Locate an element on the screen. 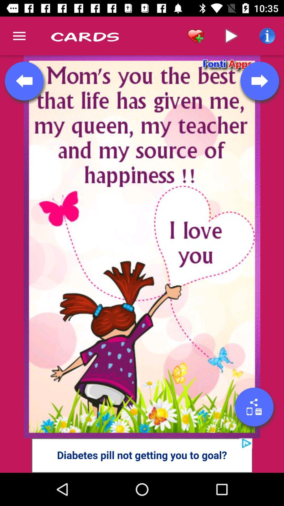  advertisement is located at coordinates (142, 455).